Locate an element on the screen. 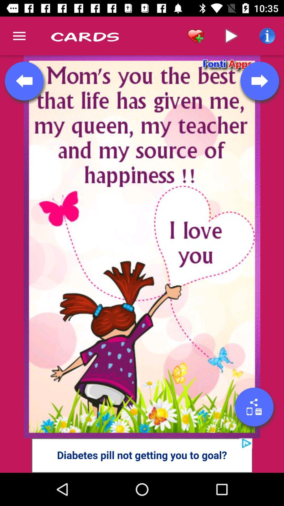  advertisement is located at coordinates (142, 455).